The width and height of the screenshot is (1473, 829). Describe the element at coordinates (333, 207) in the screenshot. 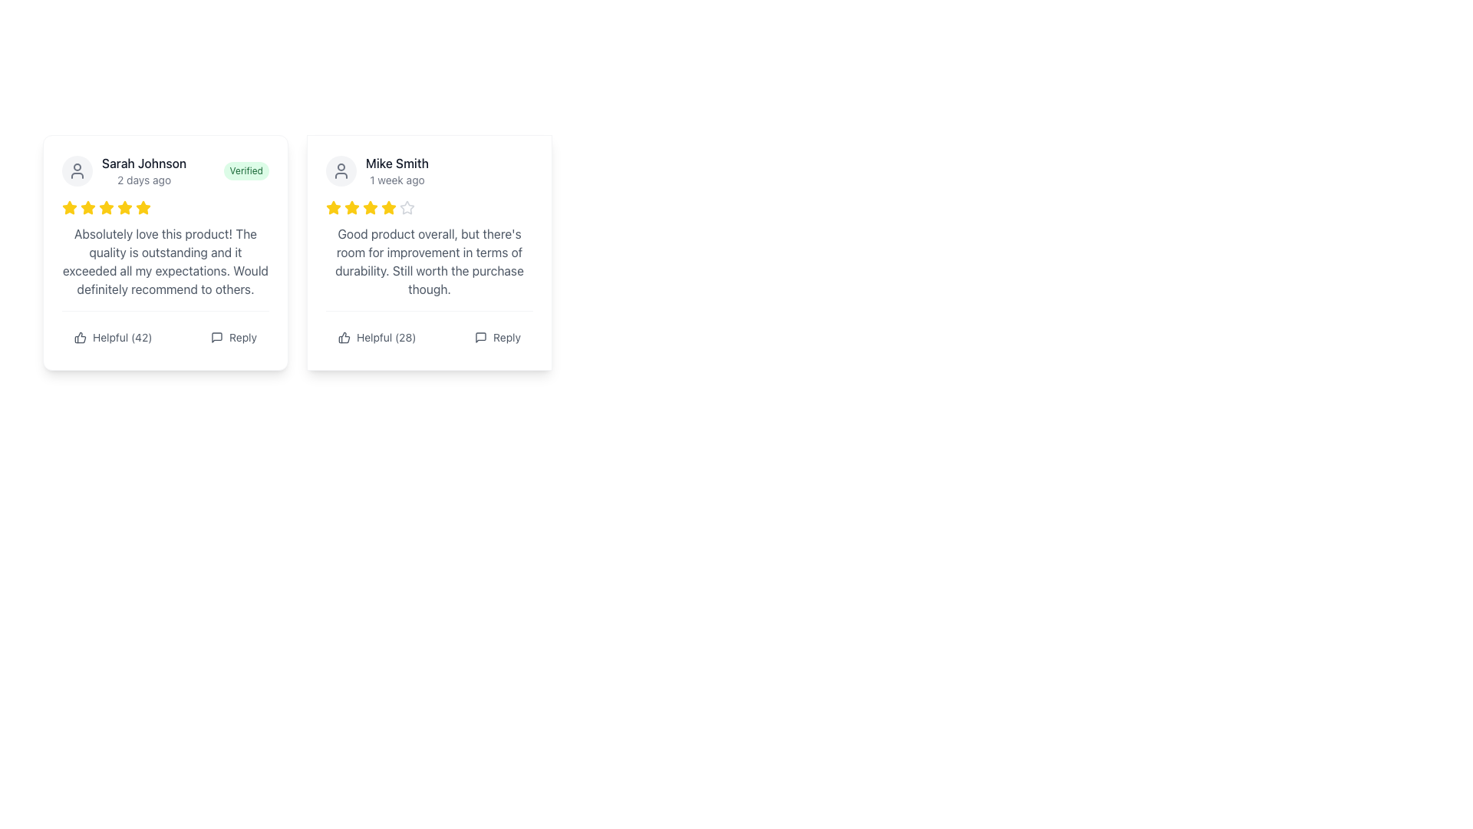

I see `the star-shaped icon filled with yellow and outlined with a yellow border, which represents a rating mechanism located under the name 'Mike Smith' in the first position of the five stars` at that location.